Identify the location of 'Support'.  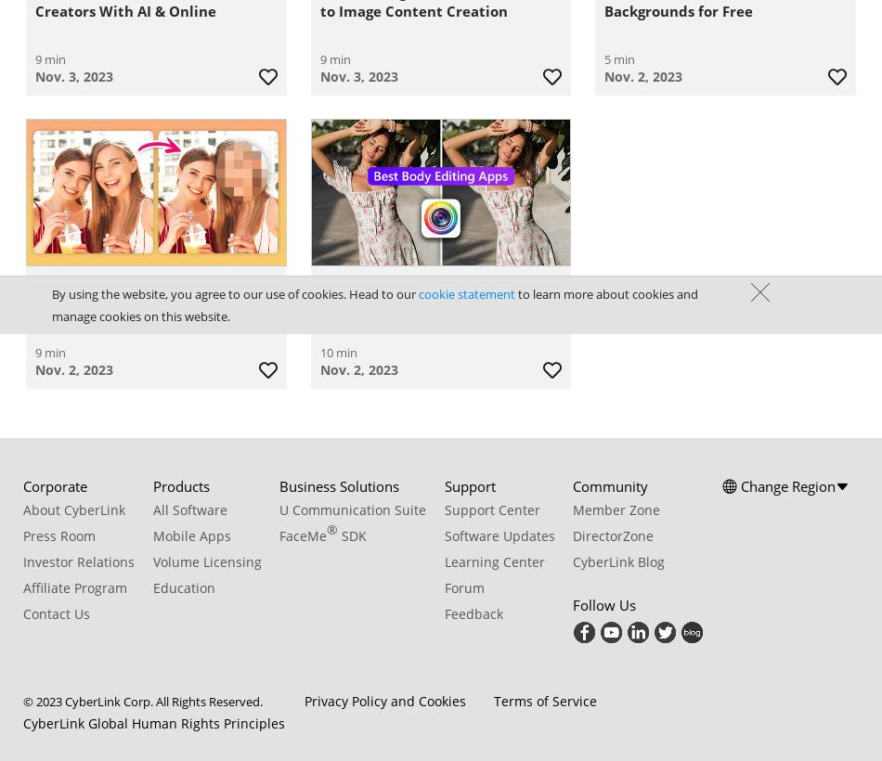
(469, 484).